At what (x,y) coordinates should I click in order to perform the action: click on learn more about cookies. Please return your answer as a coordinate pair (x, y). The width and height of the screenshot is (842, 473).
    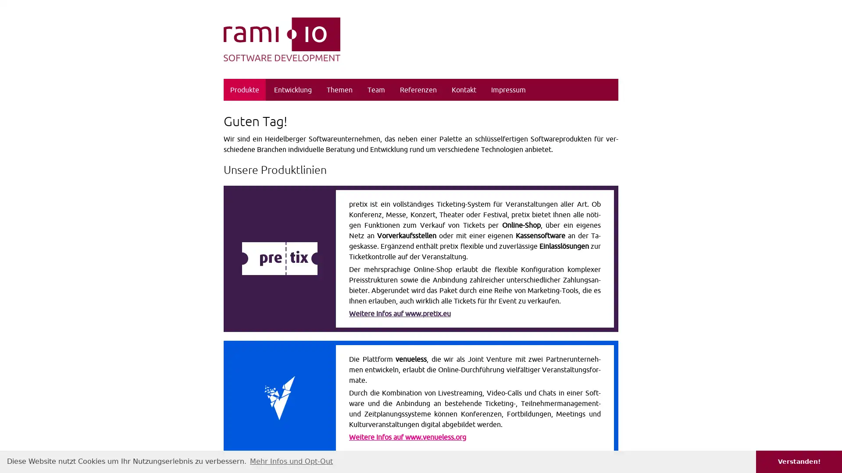
    Looking at the image, I should click on (291, 461).